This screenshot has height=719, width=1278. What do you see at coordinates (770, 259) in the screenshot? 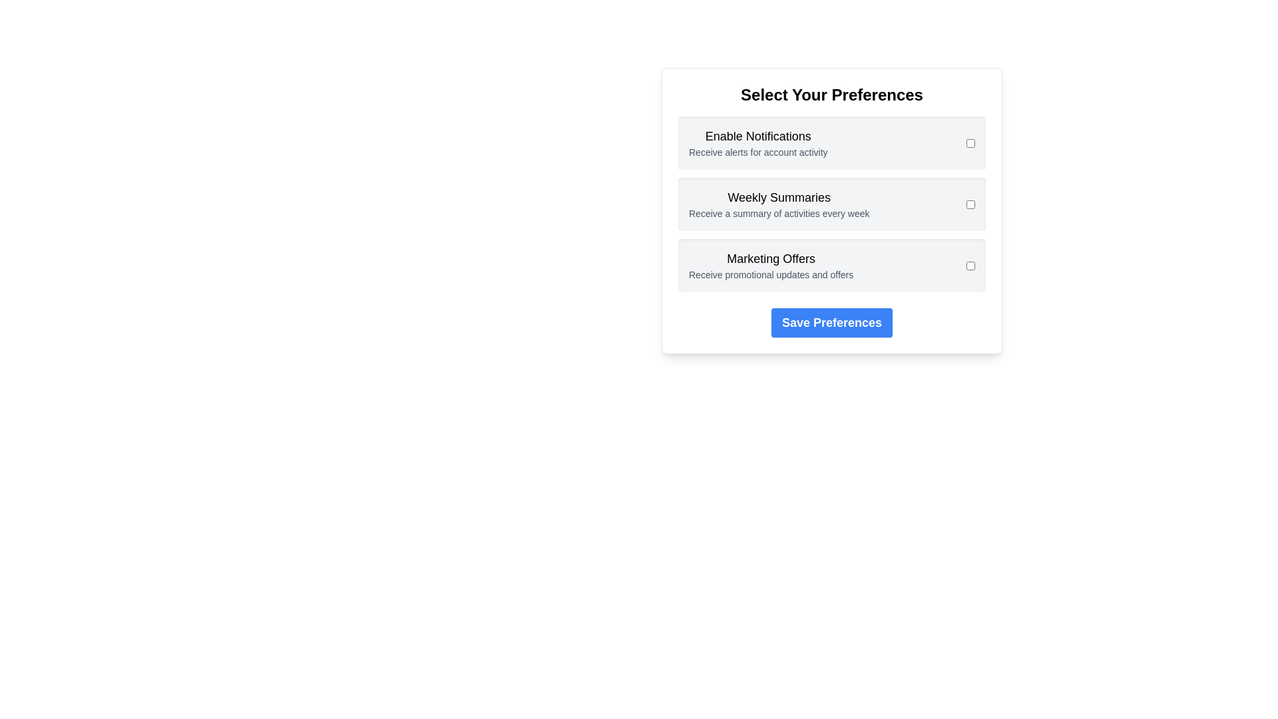
I see `the text Marketing Offers for interaction` at bounding box center [770, 259].